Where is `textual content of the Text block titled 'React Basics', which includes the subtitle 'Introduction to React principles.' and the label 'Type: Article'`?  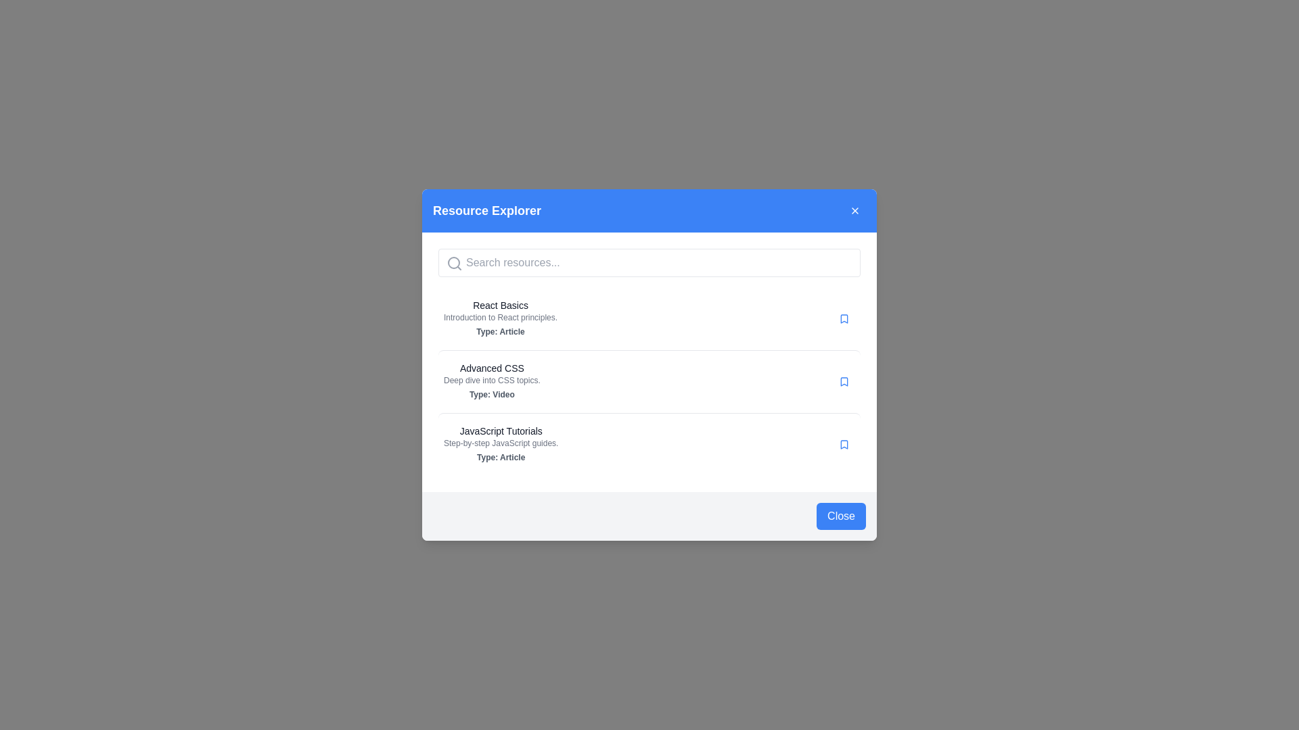 textual content of the Text block titled 'React Basics', which includes the subtitle 'Introduction to React principles.' and the label 'Type: Article' is located at coordinates (499, 318).